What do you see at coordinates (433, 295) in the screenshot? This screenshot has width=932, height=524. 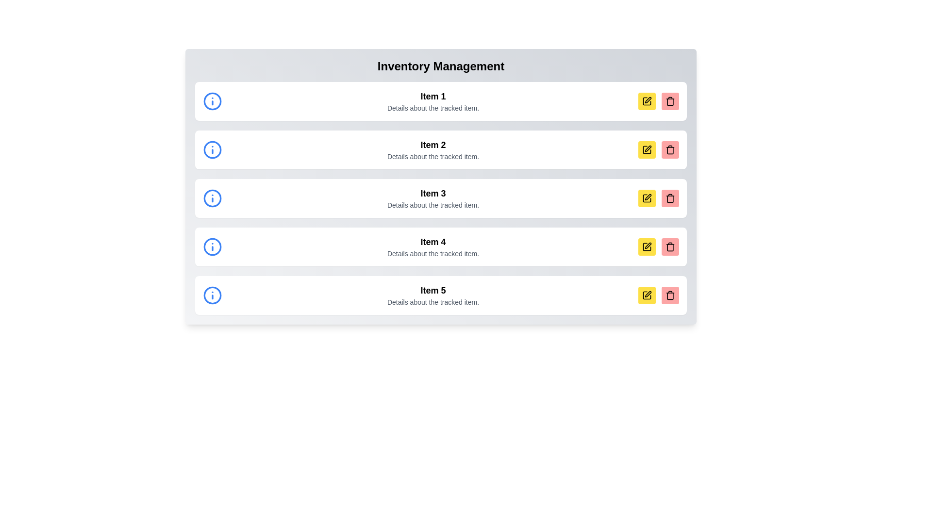 I see `the Text display area that shows 'Item 5' in bold, with the description 'Details about the tracked item.' below it, located in the fifth row from the top` at bounding box center [433, 295].